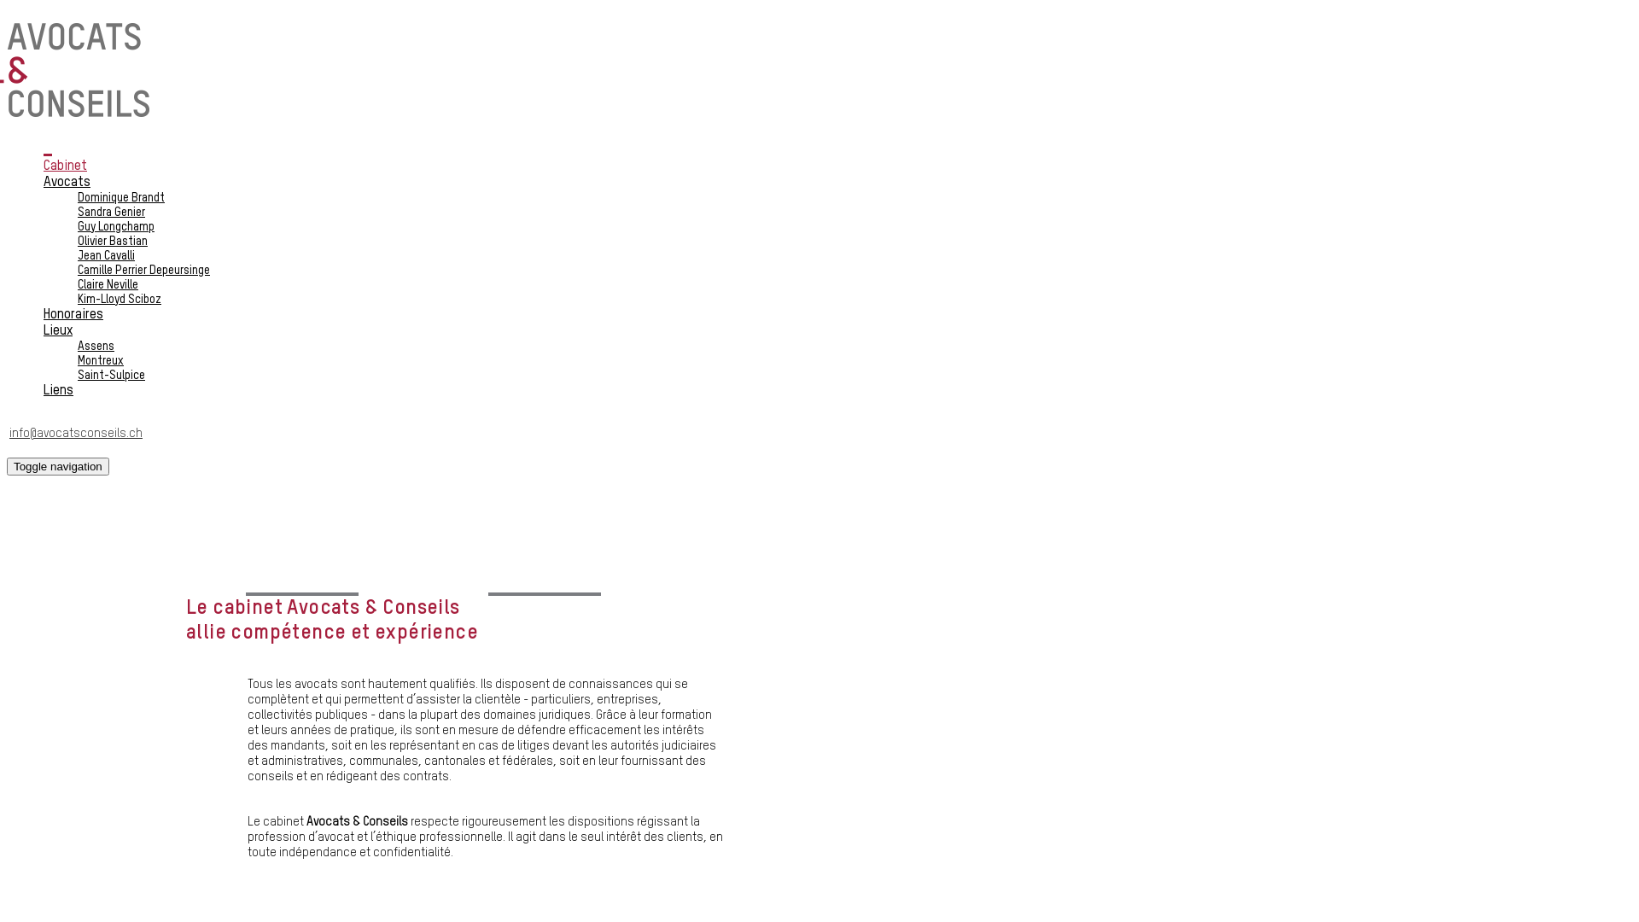 This screenshot has width=1639, height=922. Describe the element at coordinates (75, 433) in the screenshot. I see `'info@avocatsconseils.ch'` at that location.